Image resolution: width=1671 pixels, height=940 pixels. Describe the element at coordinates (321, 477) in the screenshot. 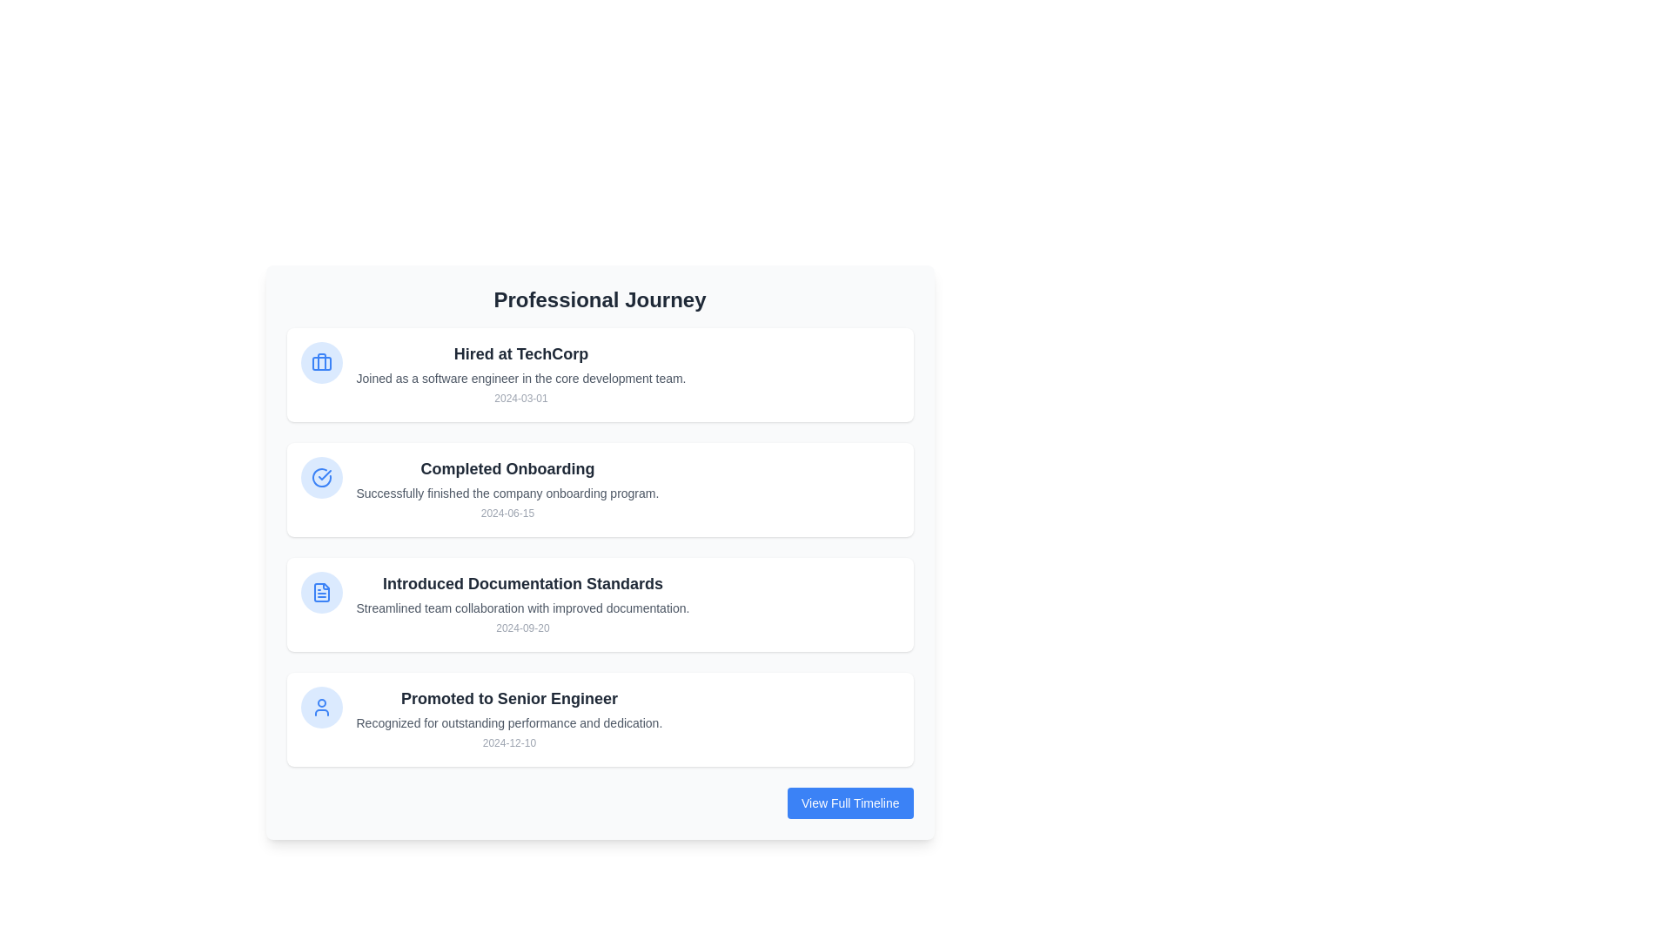

I see `the completion status icon located in the leftmost section of 'Completed Onboarding', which indicates the successful completion of the onboarding program` at that location.